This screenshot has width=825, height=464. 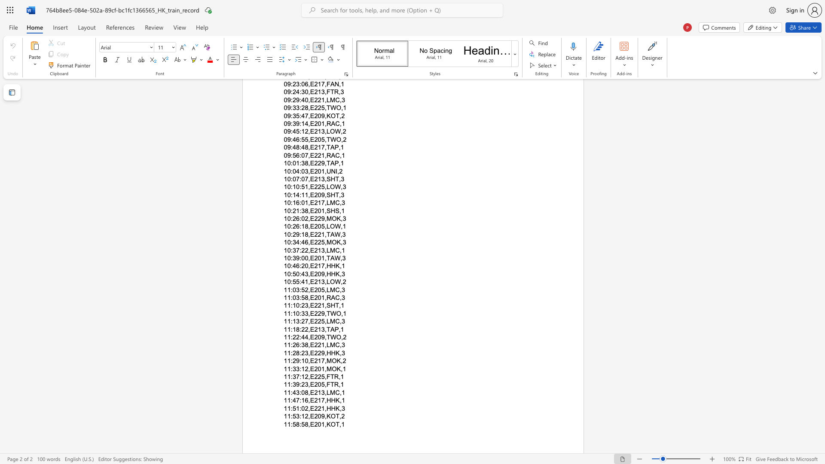 What do you see at coordinates (305, 290) in the screenshot?
I see `the subset text "2,E205,LMC" within the text "11:03:52,E205,LMC,3"` at bounding box center [305, 290].